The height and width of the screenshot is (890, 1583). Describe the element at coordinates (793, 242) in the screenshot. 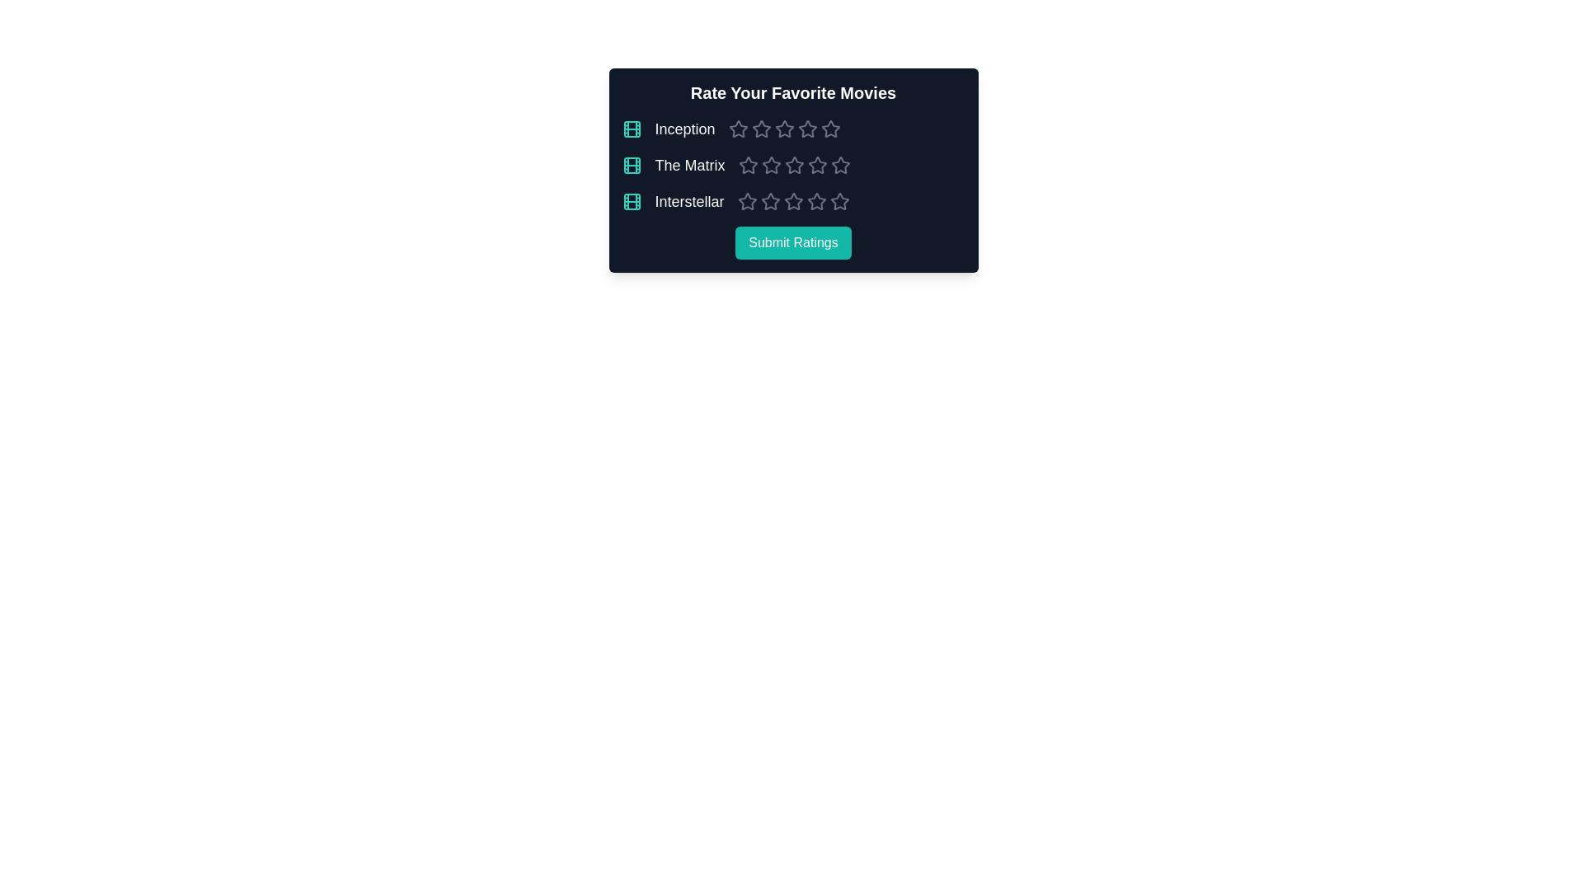

I see `the 'Submit Ratings' button` at that location.